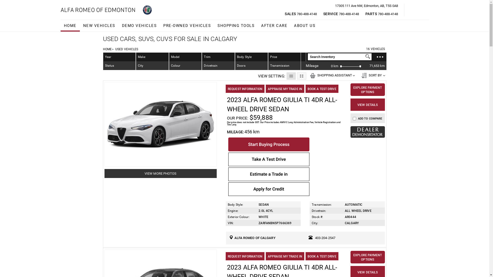  I want to click on 'Make', so click(136, 57).